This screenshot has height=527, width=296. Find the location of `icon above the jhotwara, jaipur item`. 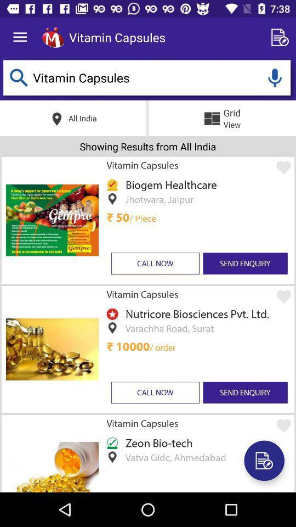

icon above the jhotwara, jaipur item is located at coordinates (169, 184).